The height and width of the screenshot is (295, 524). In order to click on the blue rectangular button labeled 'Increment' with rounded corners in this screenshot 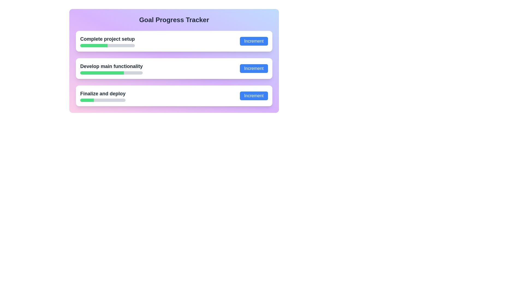, I will do `click(254, 68)`.